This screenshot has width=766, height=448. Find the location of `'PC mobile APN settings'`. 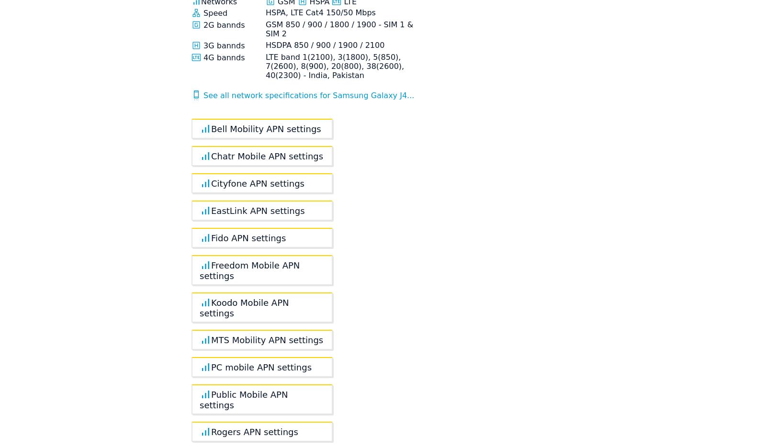

'PC mobile APN settings' is located at coordinates (260, 367).